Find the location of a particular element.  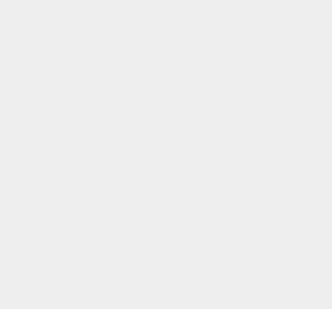

'Galaxy S-Voice' is located at coordinates (248, 188).